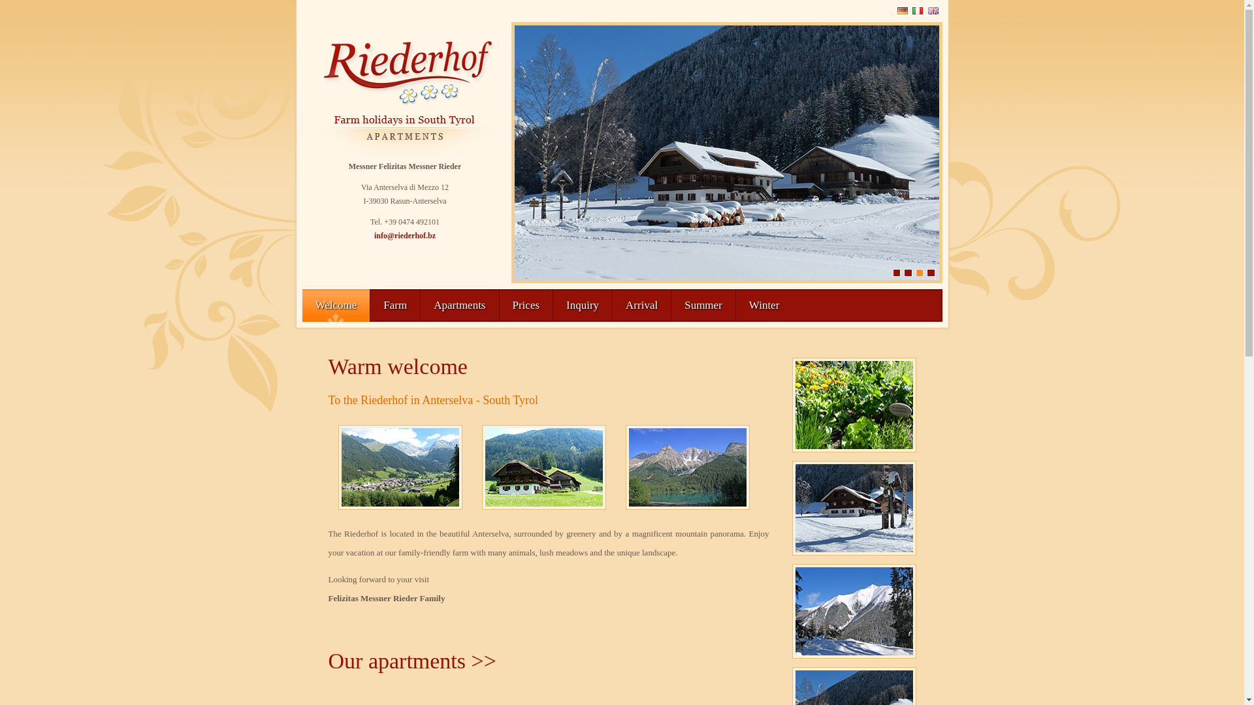  What do you see at coordinates (903, 272) in the screenshot?
I see `'2'` at bounding box center [903, 272].